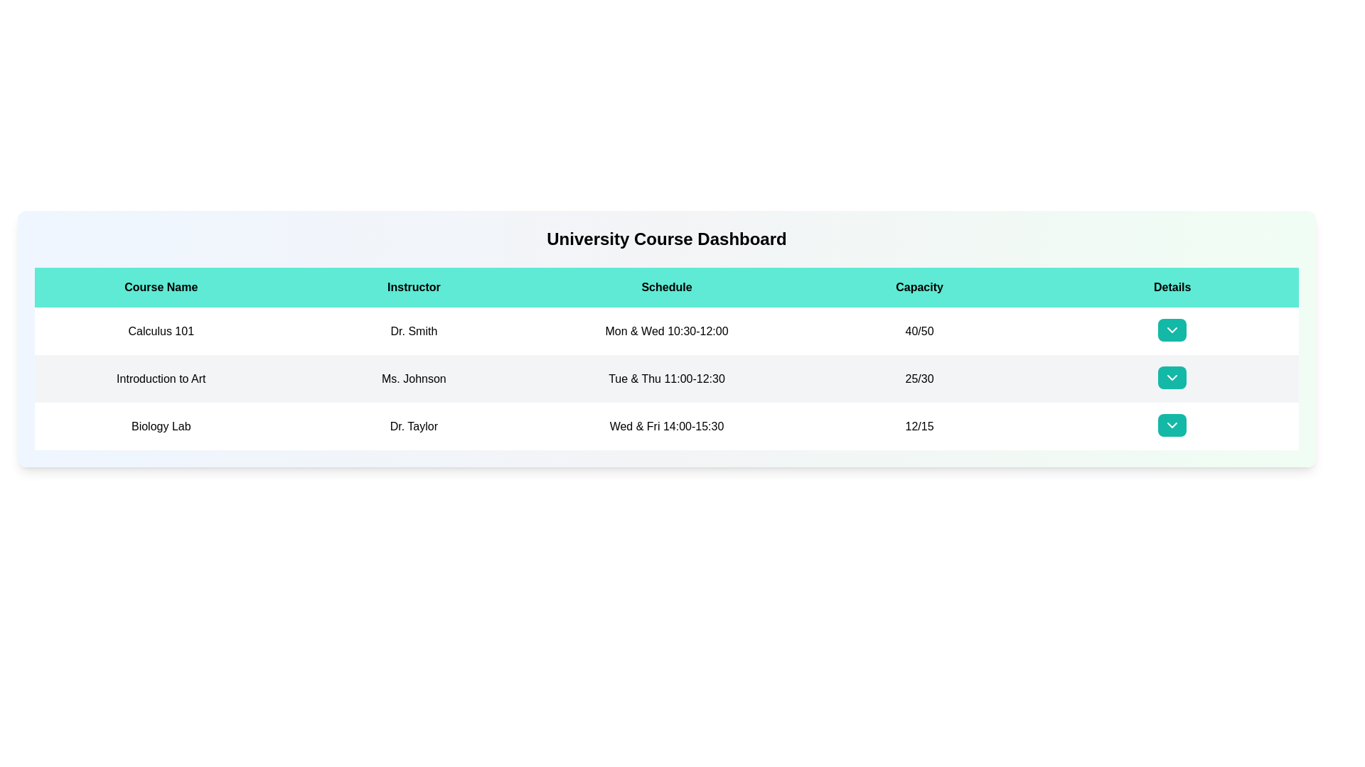 The height and width of the screenshot is (767, 1365). I want to click on the text element that communicates the scheduled class times for 'Biology Lab Dr. Taylor Wed & Fri 14:00-15:30 12/15' in the 'Schedule' column of the table, so click(665, 425).